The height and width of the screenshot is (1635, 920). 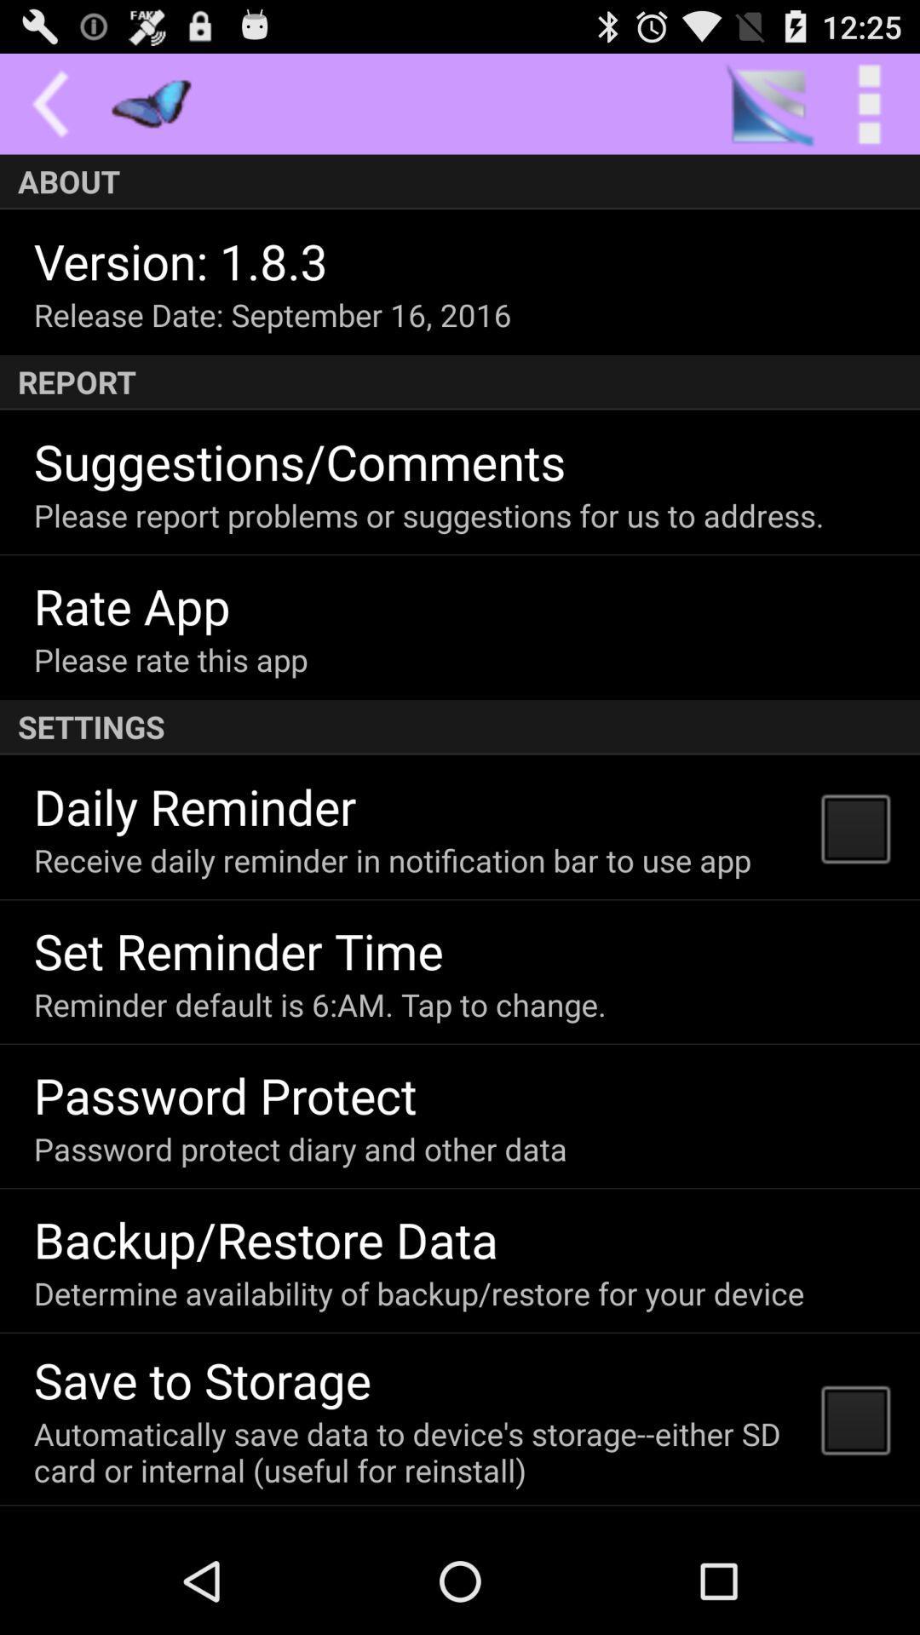 What do you see at coordinates (239, 949) in the screenshot?
I see `item above the reminder default is app` at bounding box center [239, 949].